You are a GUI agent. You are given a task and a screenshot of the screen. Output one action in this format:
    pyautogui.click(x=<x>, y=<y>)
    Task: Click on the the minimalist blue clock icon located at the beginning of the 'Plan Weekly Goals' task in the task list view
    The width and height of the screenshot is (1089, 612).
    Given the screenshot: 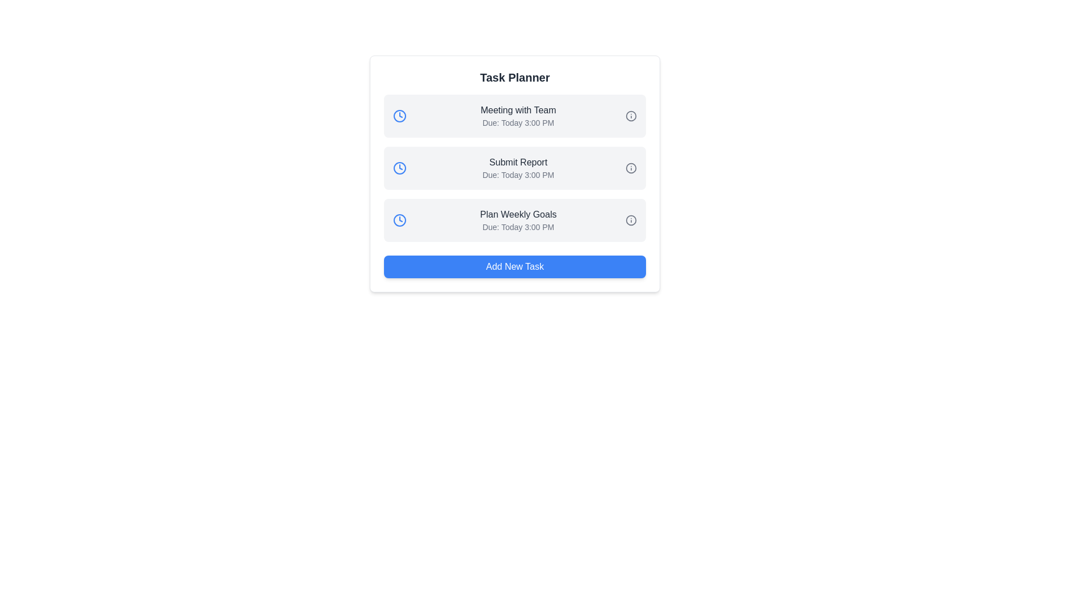 What is the action you would take?
    pyautogui.click(x=400, y=220)
    